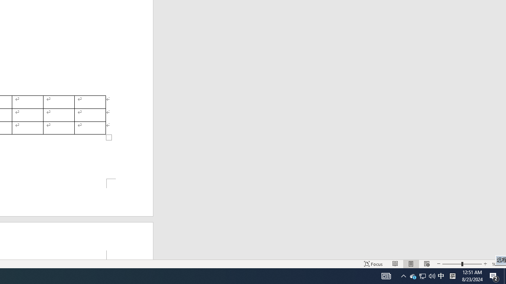  I want to click on 'Zoom 100%', so click(497, 264).